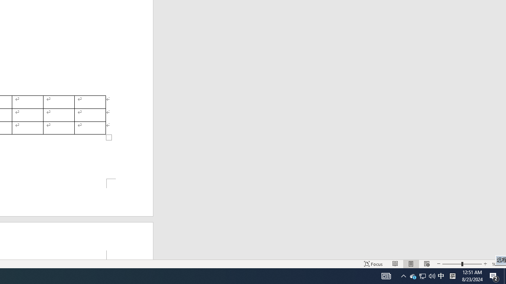  I want to click on 'Zoom 100%', so click(497, 264).